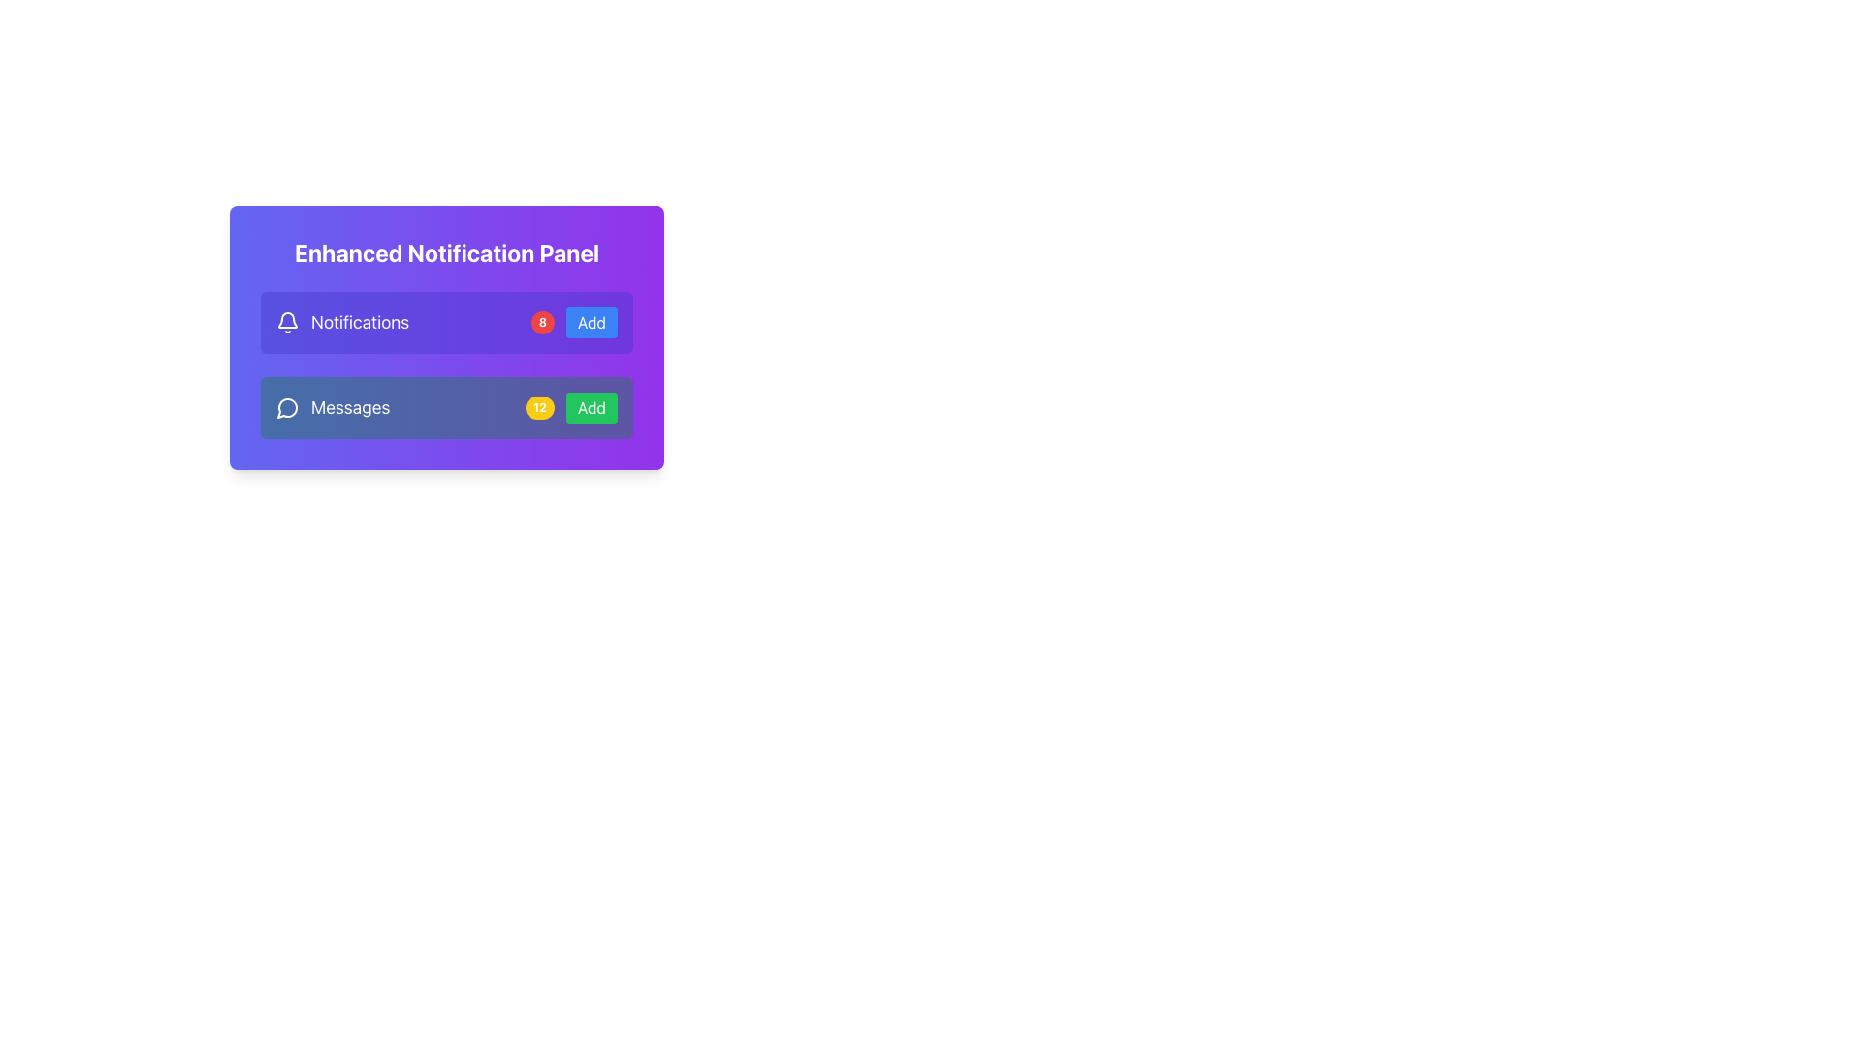  I want to click on within the Enhanced Notification Panel, so click(445, 365).